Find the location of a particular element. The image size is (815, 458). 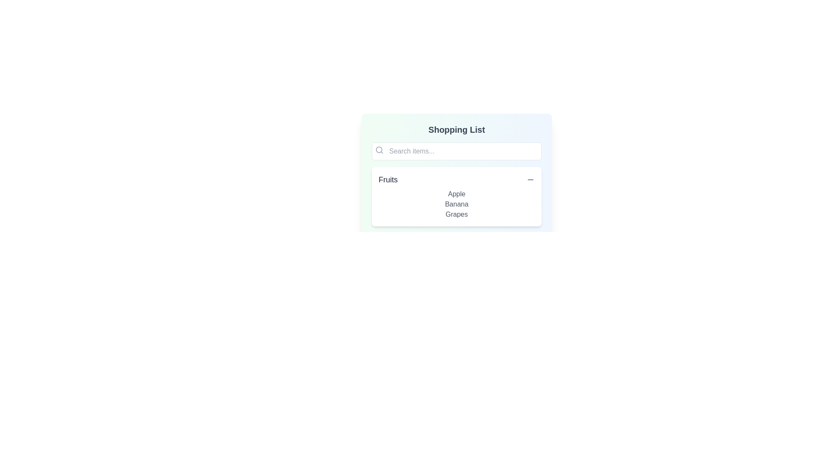

the search bar and type the search term is located at coordinates (456, 151).